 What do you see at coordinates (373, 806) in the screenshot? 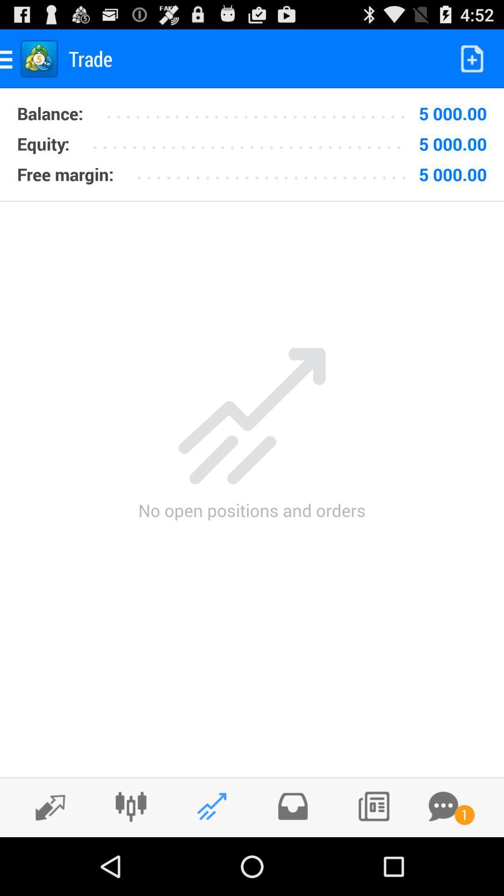
I see `print document` at bounding box center [373, 806].